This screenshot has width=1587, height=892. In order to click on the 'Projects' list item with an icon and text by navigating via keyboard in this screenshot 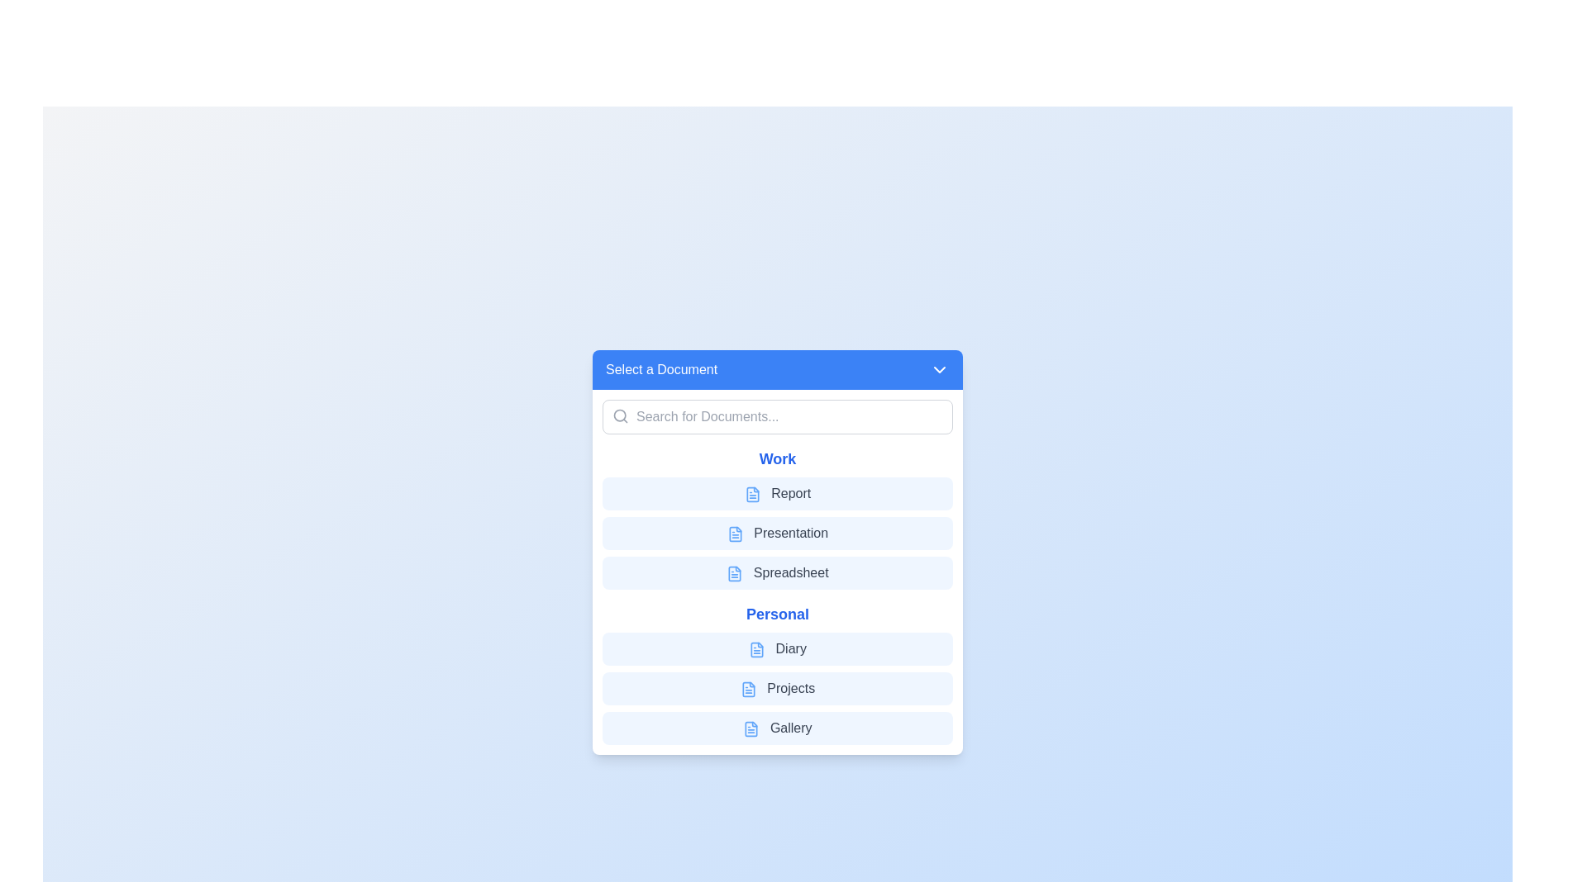, I will do `click(776, 688)`.